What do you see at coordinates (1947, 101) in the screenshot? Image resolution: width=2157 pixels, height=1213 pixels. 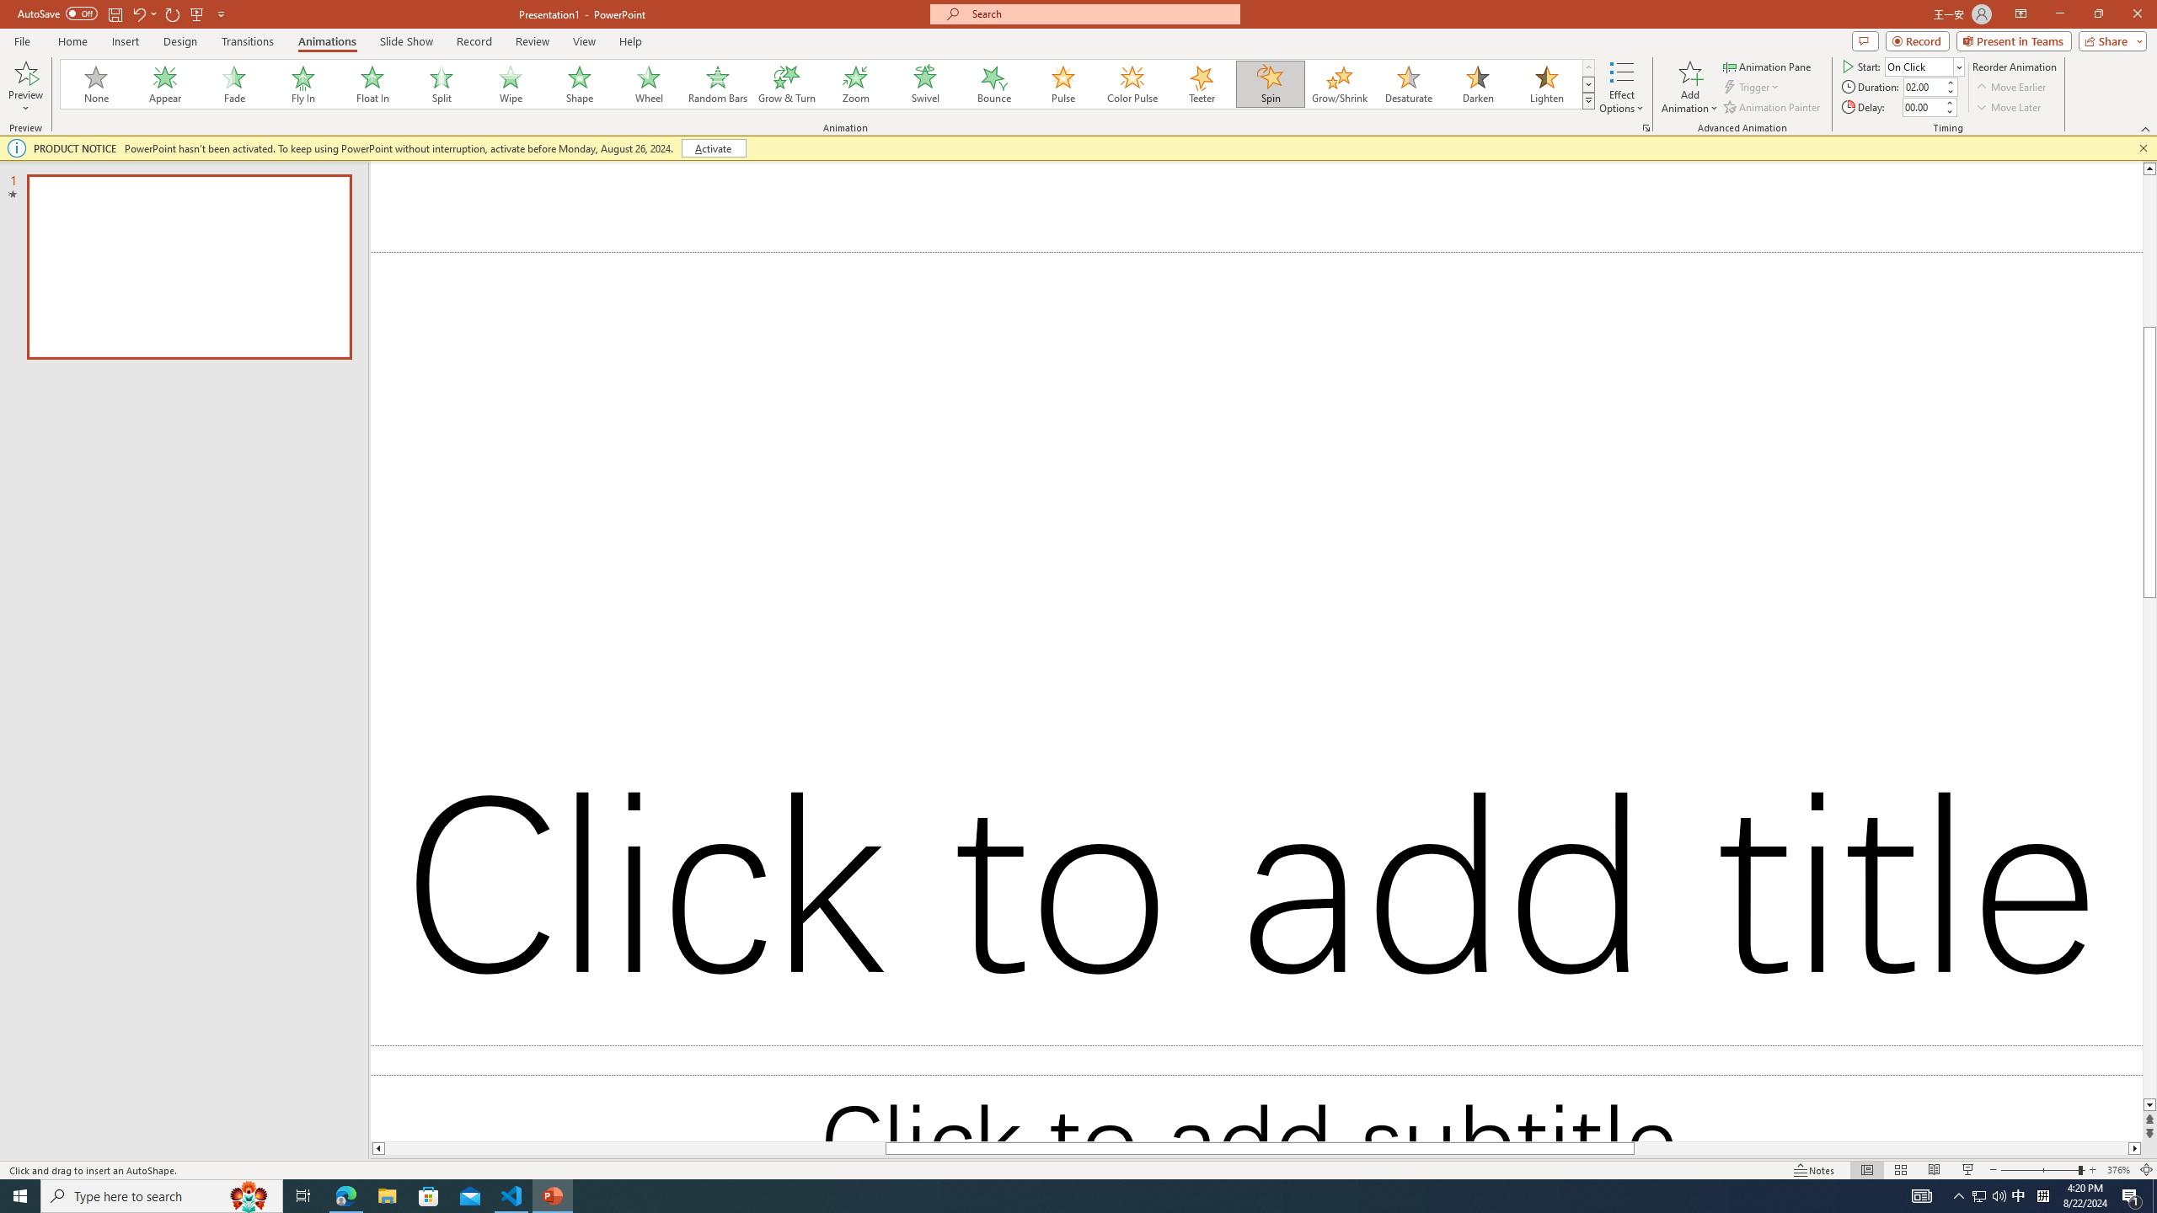 I see `'More'` at bounding box center [1947, 101].